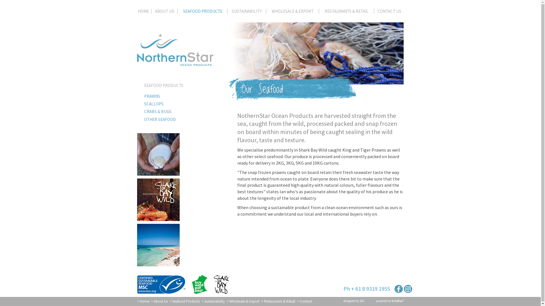  What do you see at coordinates (346, 12) in the screenshot?
I see `'RESTAURANTS` at bounding box center [346, 12].